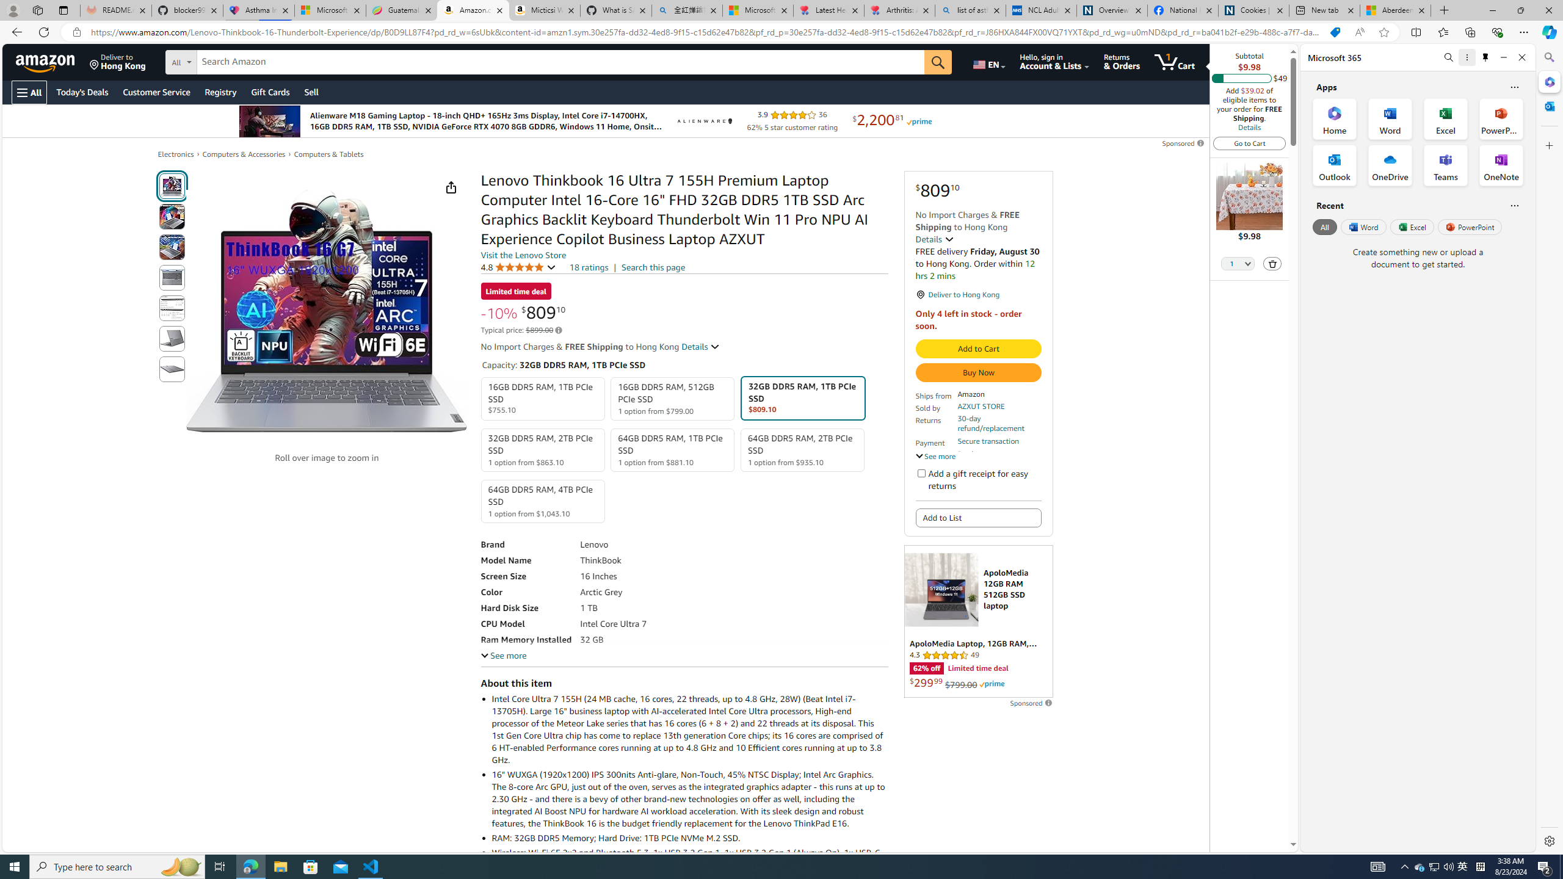 The image size is (1563, 879). I want to click on '32GB DDR5 RAM, 1TB PCIe SSD $809.10', so click(802, 397).